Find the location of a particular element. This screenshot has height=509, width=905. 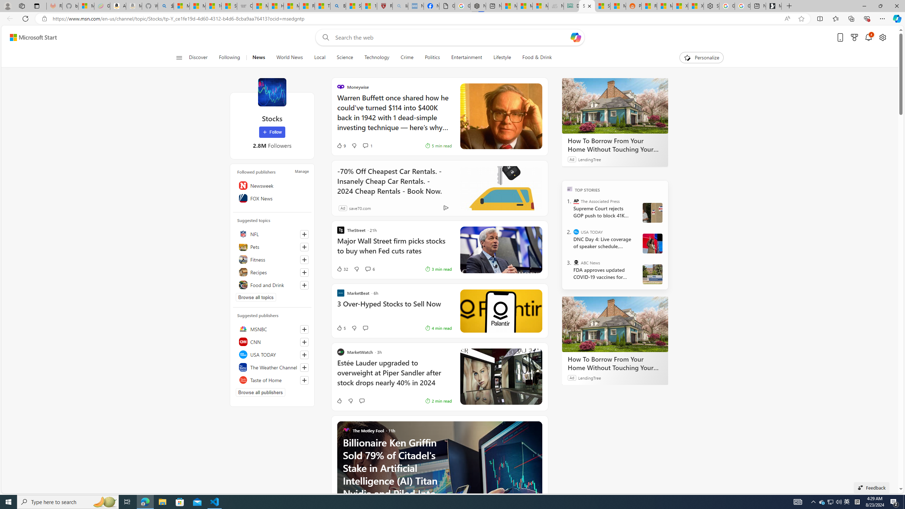

'Pets' is located at coordinates (272, 246).